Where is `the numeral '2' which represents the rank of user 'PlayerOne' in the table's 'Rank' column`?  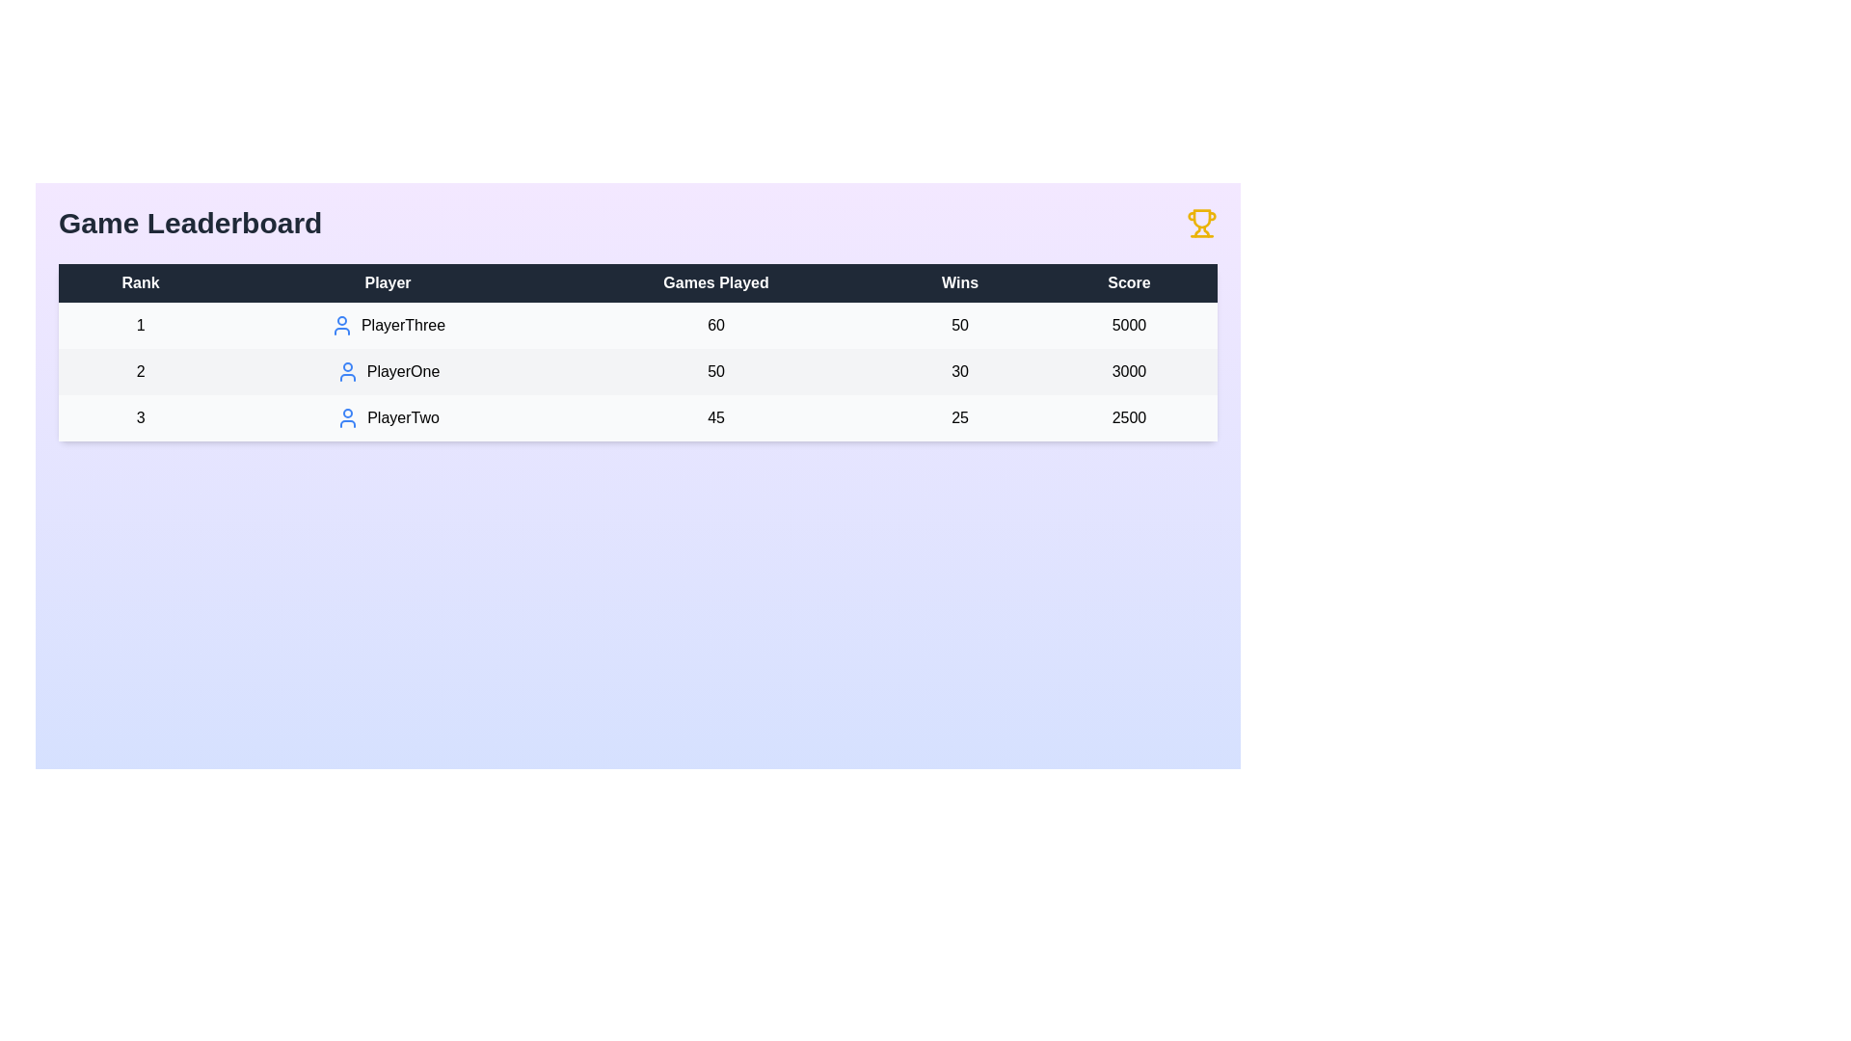 the numeral '2' which represents the rank of user 'PlayerOne' in the table's 'Rank' column is located at coordinates (140, 371).